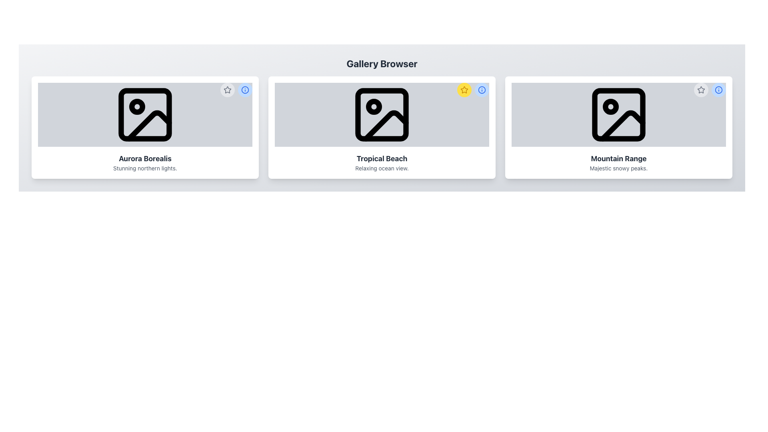  Describe the element at coordinates (718, 90) in the screenshot. I see `the circular blue outlined icon with a white background and a stylized 'i'` at that location.